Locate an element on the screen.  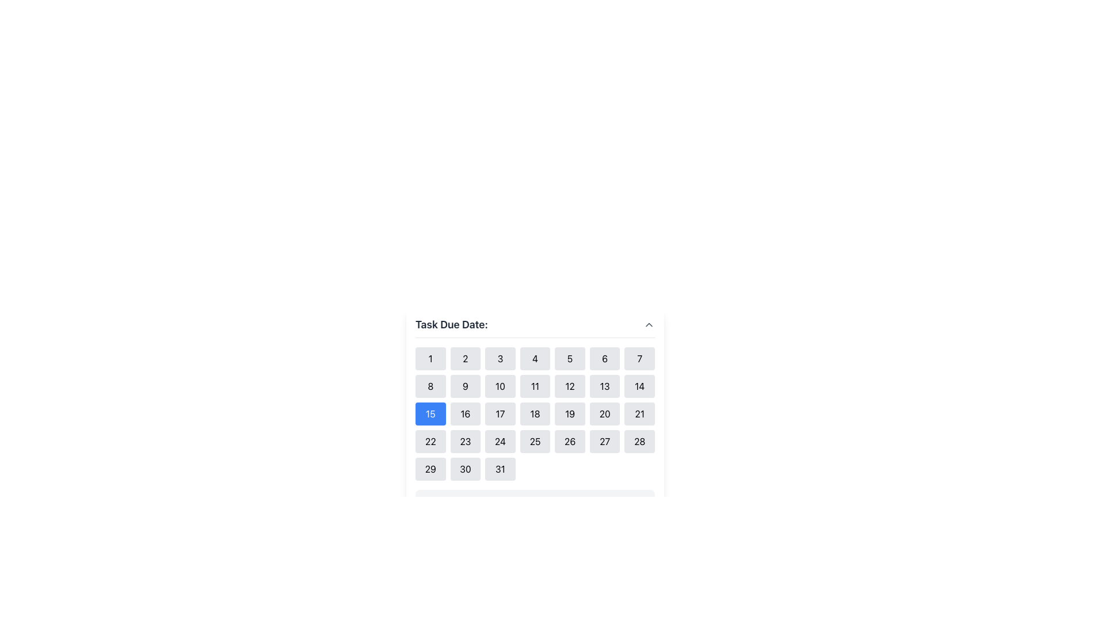
the selectable date option '10' in the calendar interface located in the second row, third column of the grid is located at coordinates (500, 386).